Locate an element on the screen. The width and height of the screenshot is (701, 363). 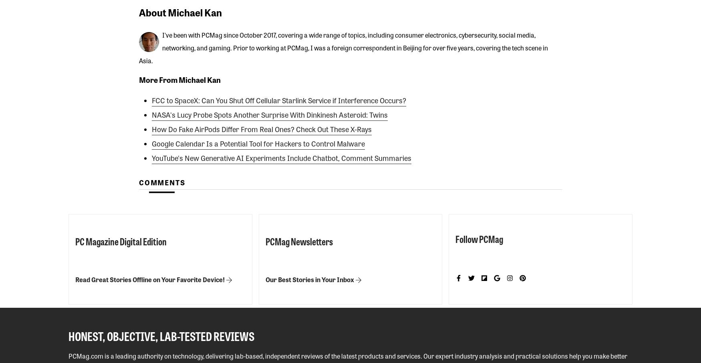
'How Do Fake AirPods Differ From Real Ones? Check Out These X-Rays' is located at coordinates (261, 128).